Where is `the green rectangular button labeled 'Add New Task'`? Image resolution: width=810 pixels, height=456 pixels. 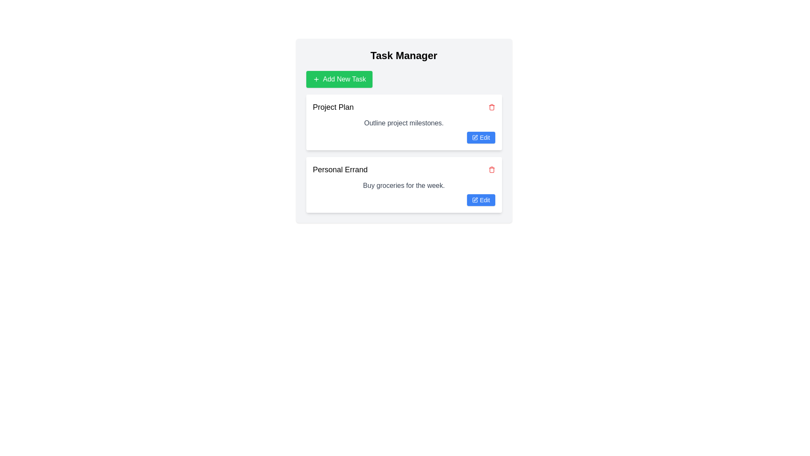 the green rectangular button labeled 'Add New Task' is located at coordinates (339, 79).